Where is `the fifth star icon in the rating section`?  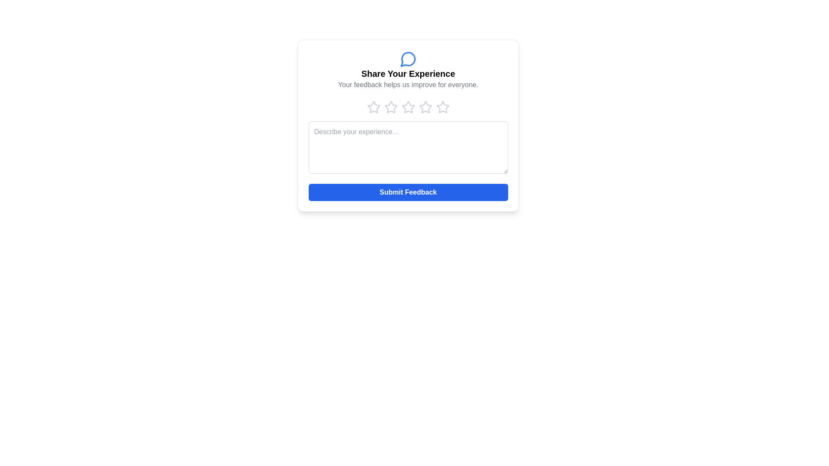 the fifth star icon in the rating section is located at coordinates (443, 107).